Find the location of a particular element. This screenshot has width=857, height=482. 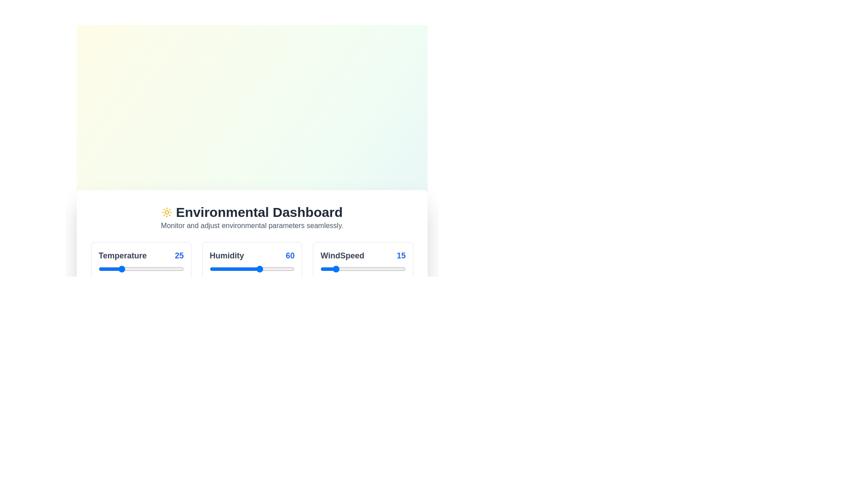

the temperature is located at coordinates (177, 268).